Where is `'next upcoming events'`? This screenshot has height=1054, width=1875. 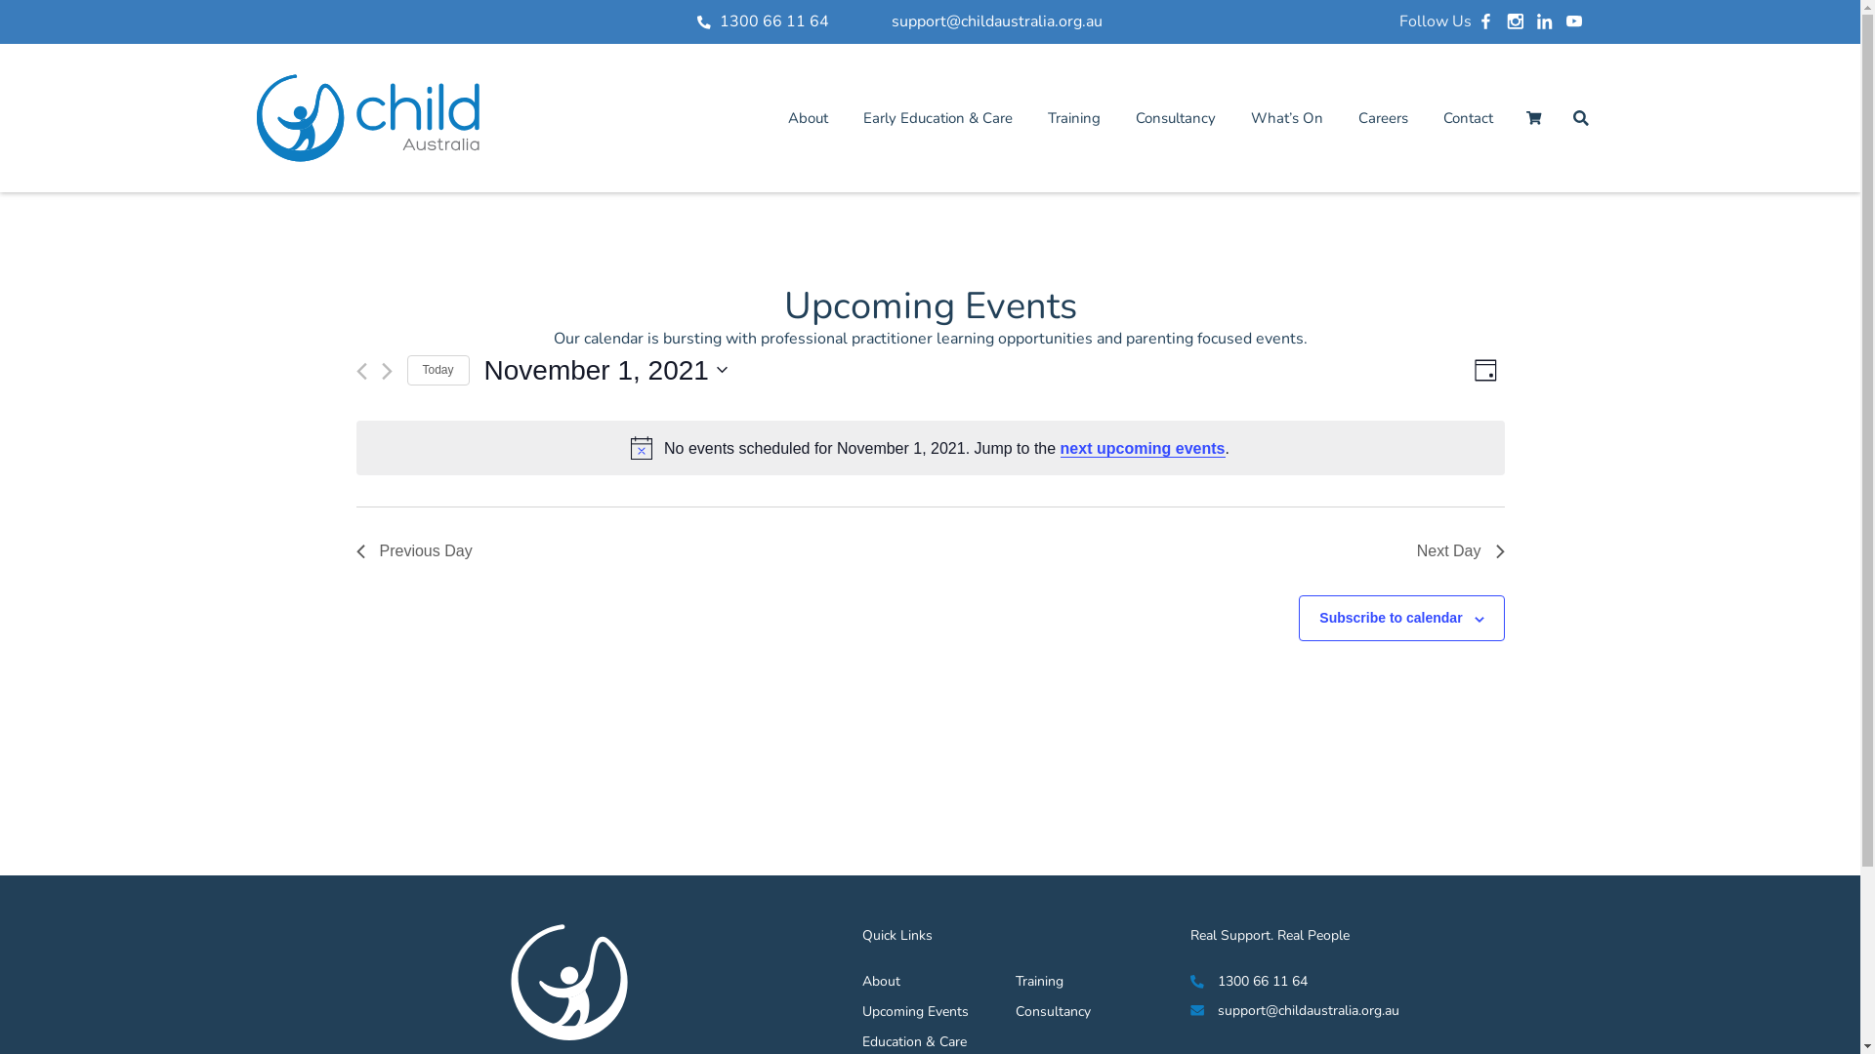 'next upcoming events' is located at coordinates (1059, 448).